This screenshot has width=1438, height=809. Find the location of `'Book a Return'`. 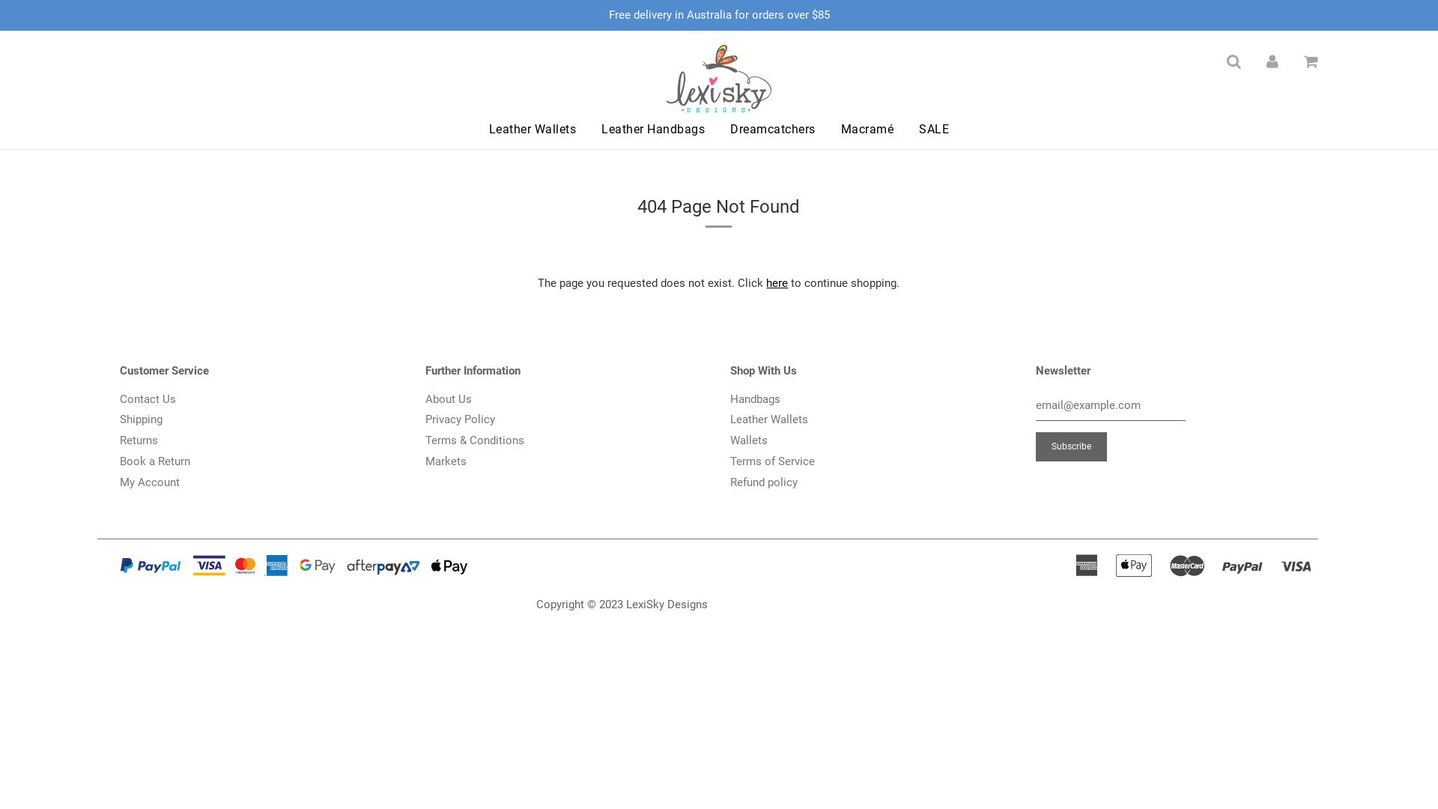

'Book a Return' is located at coordinates (154, 461).